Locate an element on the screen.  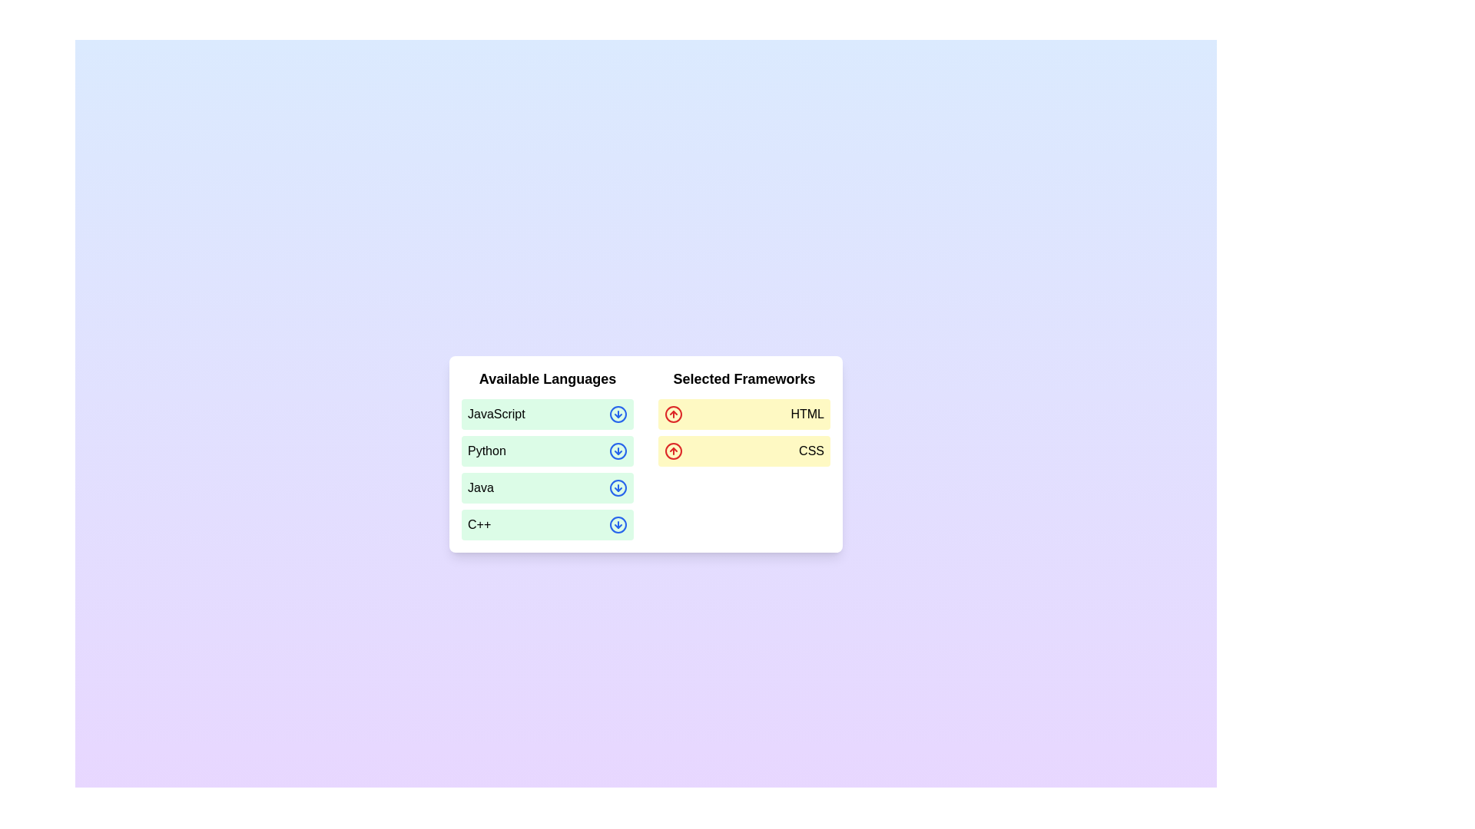
arrow-down icon next to the language C++ in the 'Available Languages' list to move it to the 'Selected Frameworks' list is located at coordinates (618, 523).